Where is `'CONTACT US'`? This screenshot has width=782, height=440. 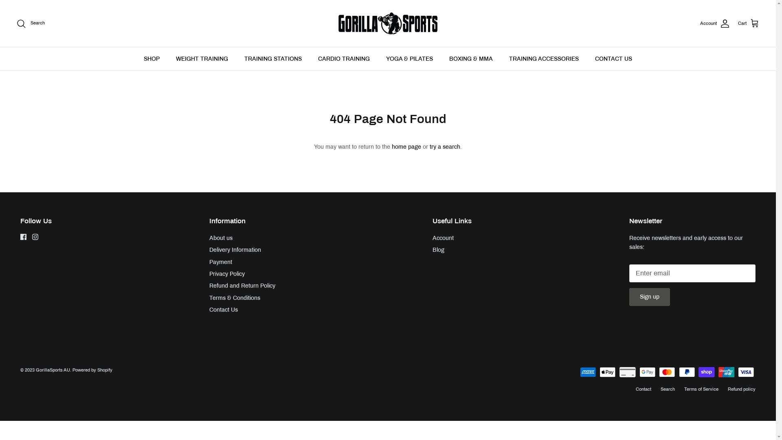 'CONTACT US' is located at coordinates (613, 58).